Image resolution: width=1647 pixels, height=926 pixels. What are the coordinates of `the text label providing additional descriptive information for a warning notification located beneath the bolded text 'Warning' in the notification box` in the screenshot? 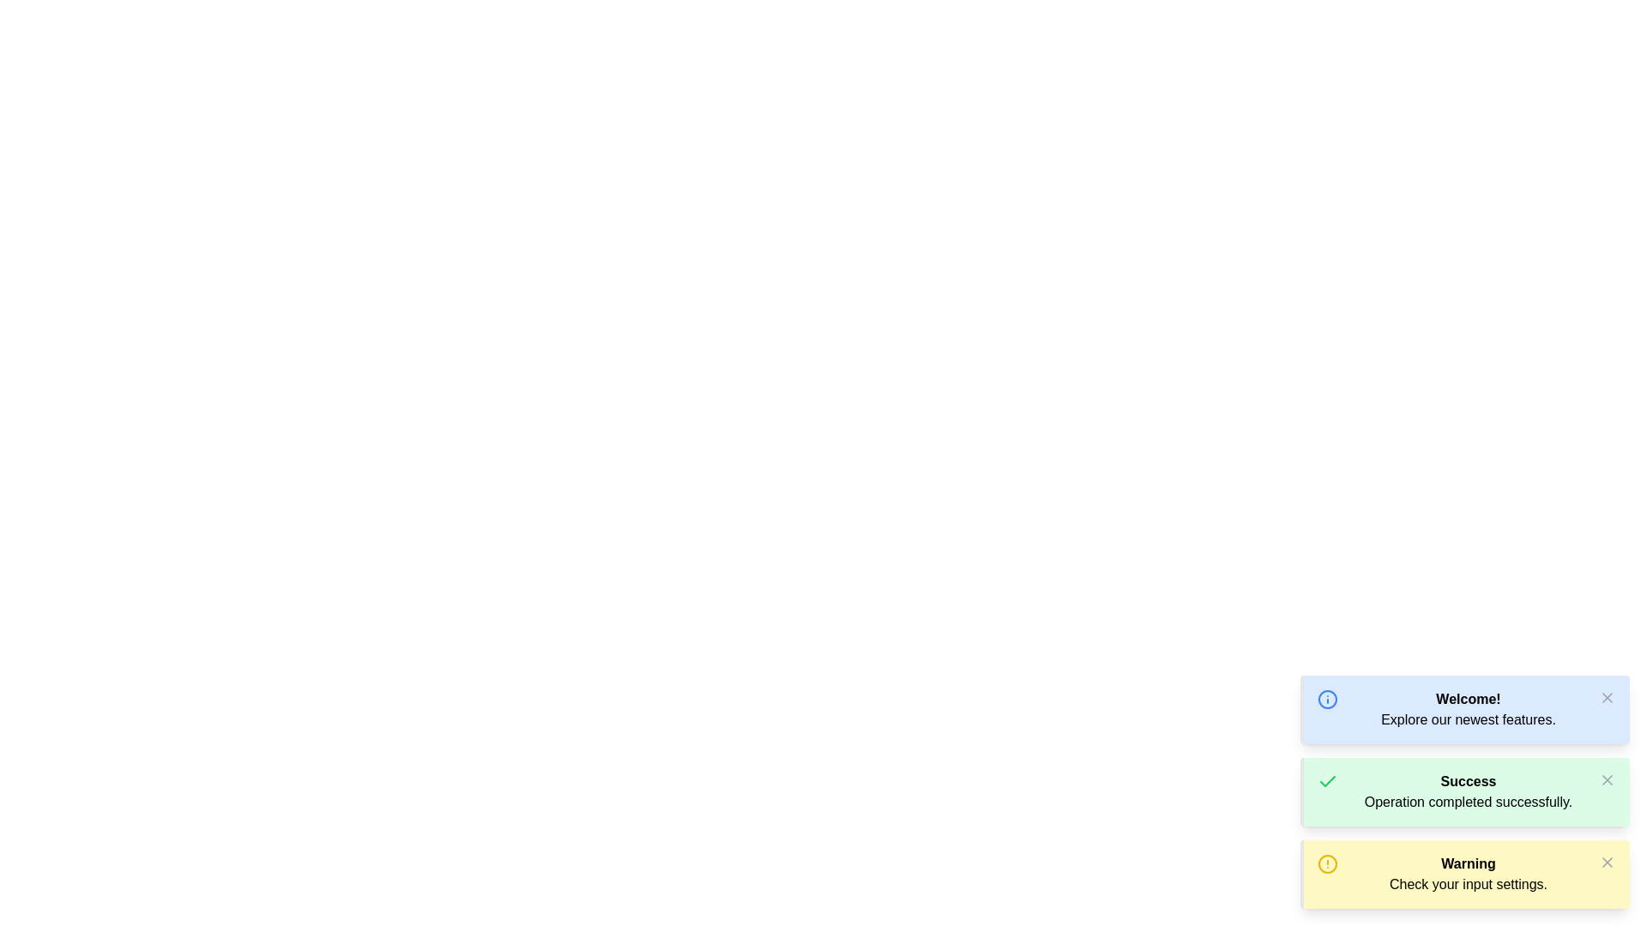 It's located at (1468, 885).